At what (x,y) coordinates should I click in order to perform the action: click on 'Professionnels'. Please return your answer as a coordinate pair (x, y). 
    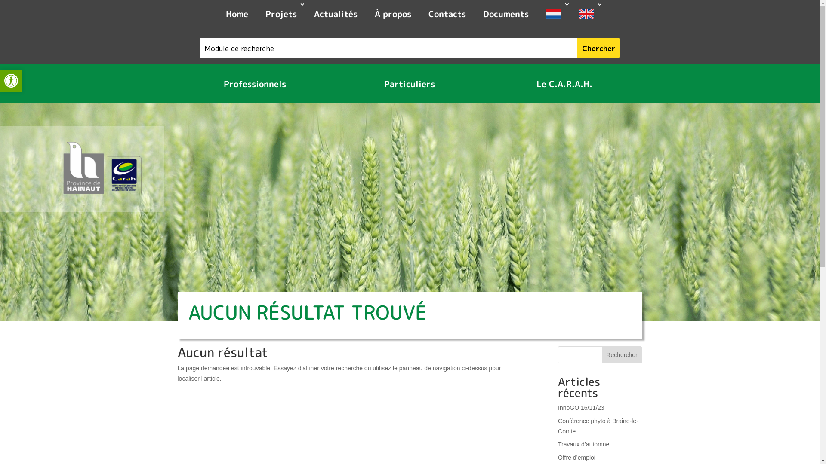
    Looking at the image, I should click on (254, 84).